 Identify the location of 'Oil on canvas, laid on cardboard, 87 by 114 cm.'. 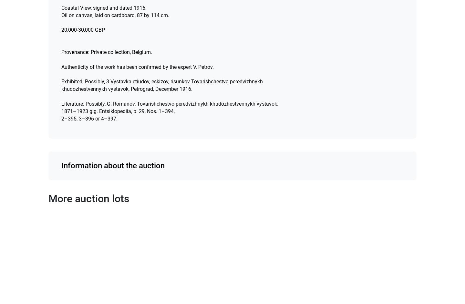
(115, 15).